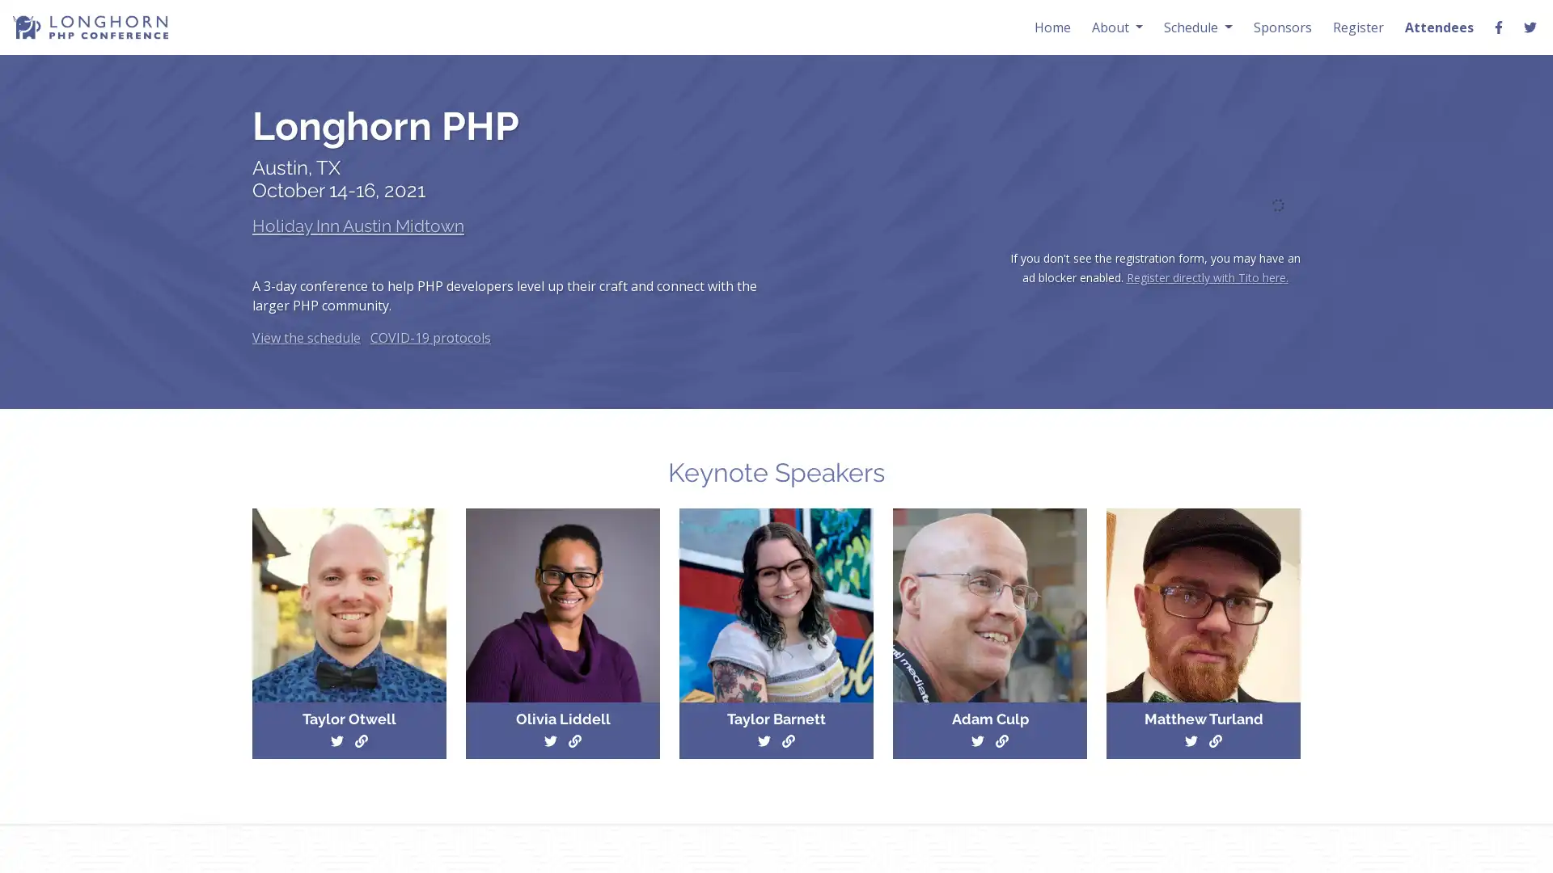 The height and width of the screenshot is (873, 1553). Describe the element at coordinates (1116, 27) in the screenshot. I see `About` at that location.